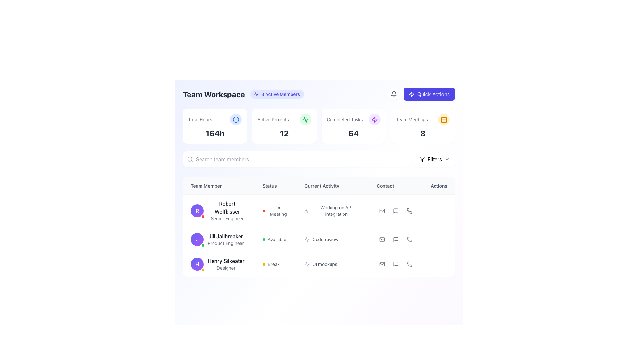 Image resolution: width=624 pixels, height=351 pixels. What do you see at coordinates (278, 211) in the screenshot?
I see `the 'In Meeting' text label indicating the status of 'Robert Wolfkisser' in the table` at bounding box center [278, 211].